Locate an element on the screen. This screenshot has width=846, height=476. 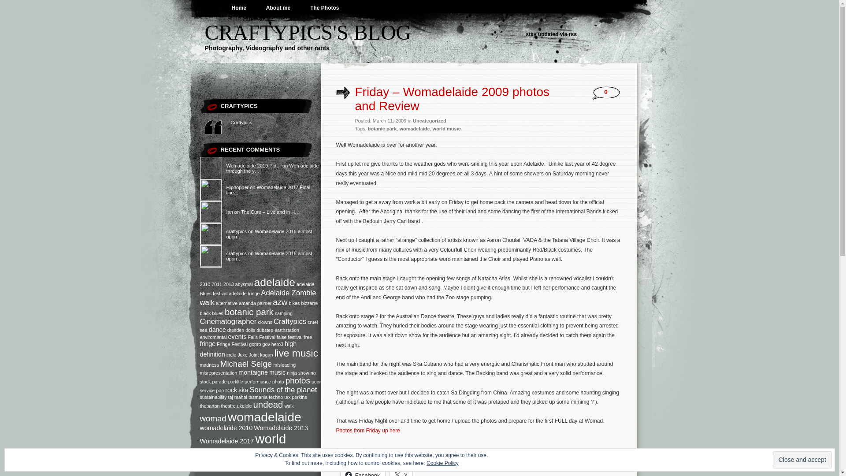
'performance' is located at coordinates (257, 381).